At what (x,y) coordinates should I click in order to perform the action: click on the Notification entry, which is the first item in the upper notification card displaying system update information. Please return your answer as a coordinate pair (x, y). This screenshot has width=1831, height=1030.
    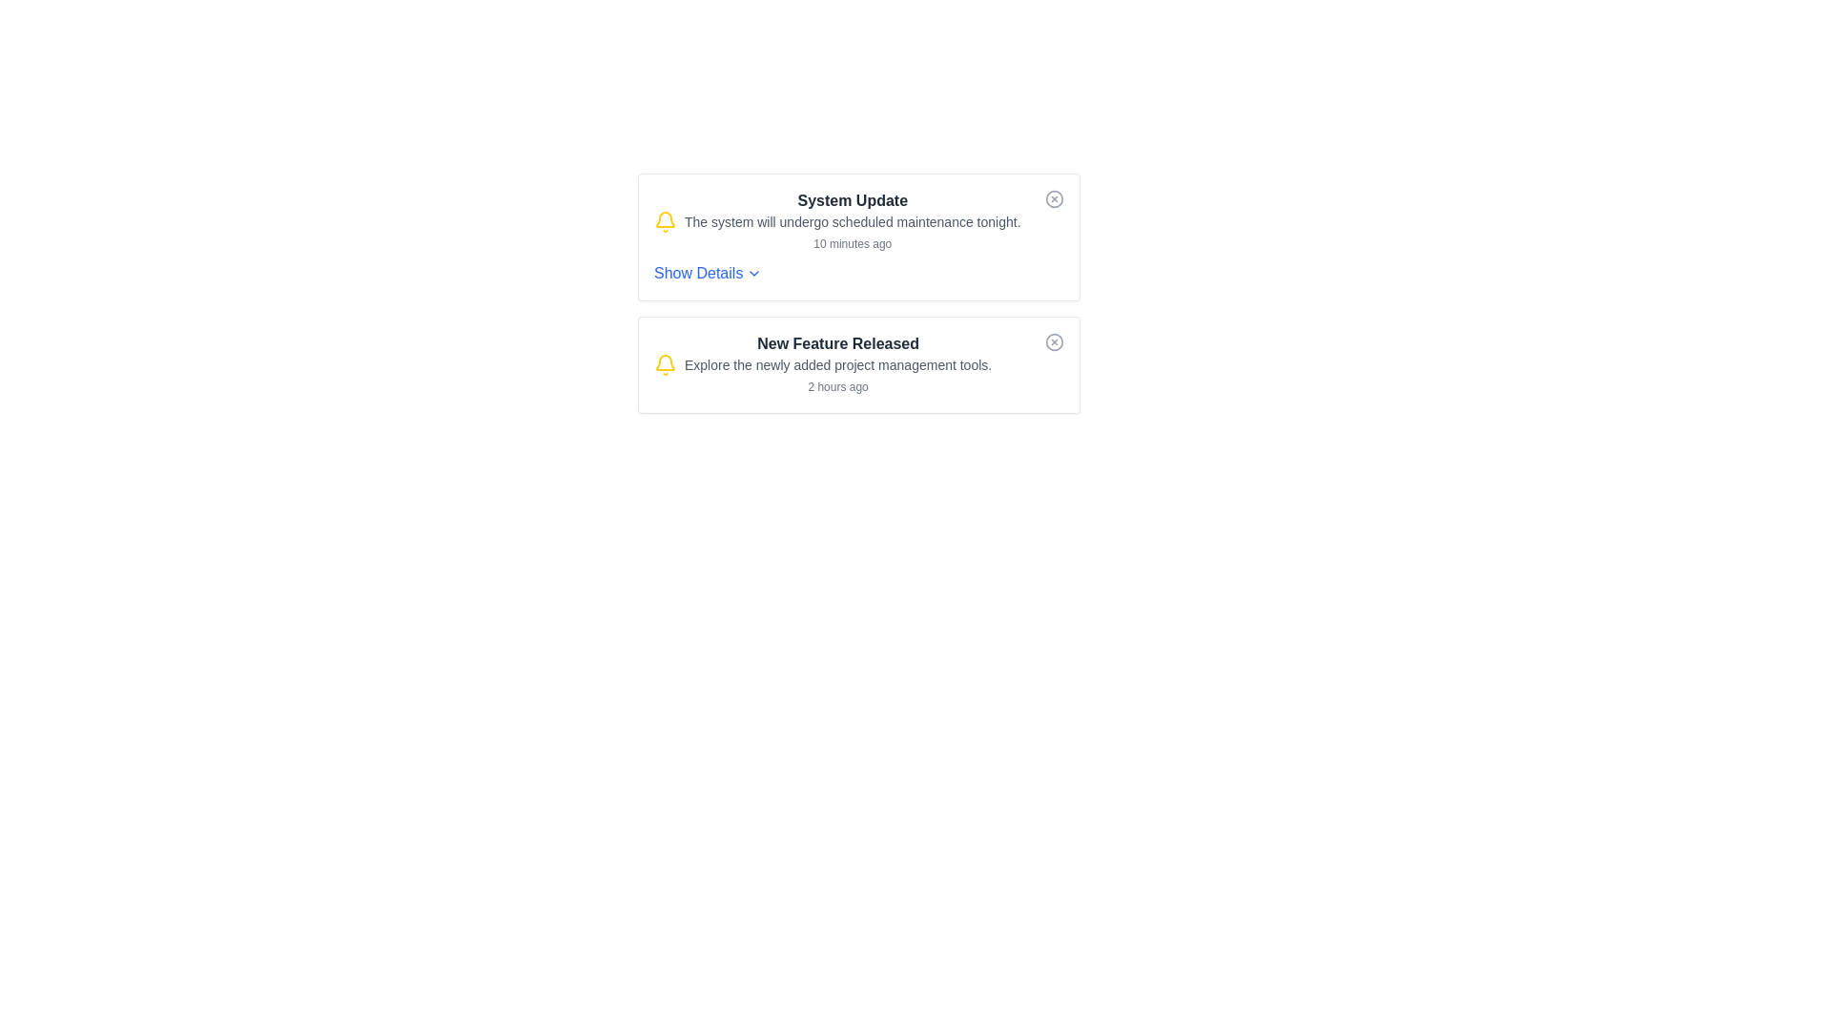
    Looking at the image, I should click on (837, 220).